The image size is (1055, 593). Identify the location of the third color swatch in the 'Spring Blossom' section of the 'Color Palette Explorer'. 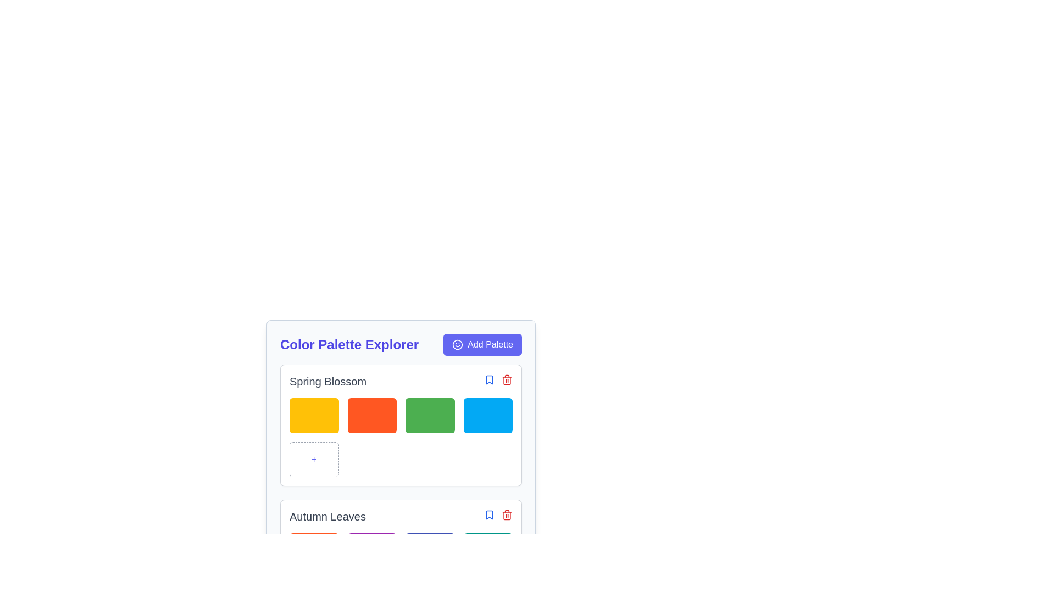
(400, 420).